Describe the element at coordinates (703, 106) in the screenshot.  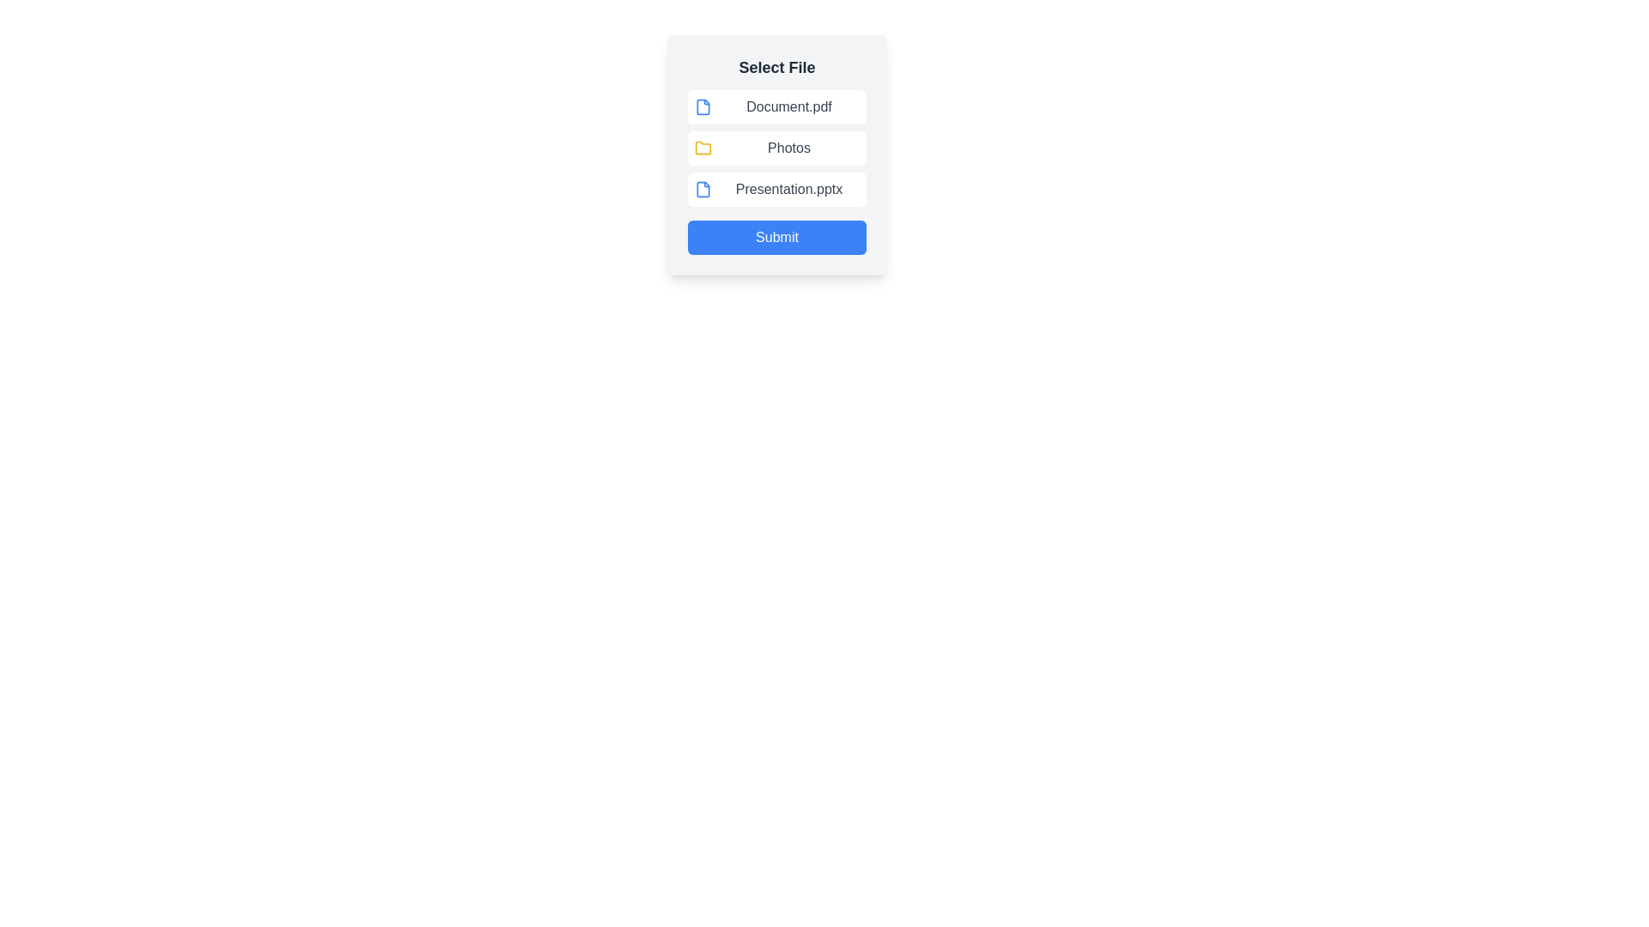
I see `on the document file icon with a blue outline located` at that location.